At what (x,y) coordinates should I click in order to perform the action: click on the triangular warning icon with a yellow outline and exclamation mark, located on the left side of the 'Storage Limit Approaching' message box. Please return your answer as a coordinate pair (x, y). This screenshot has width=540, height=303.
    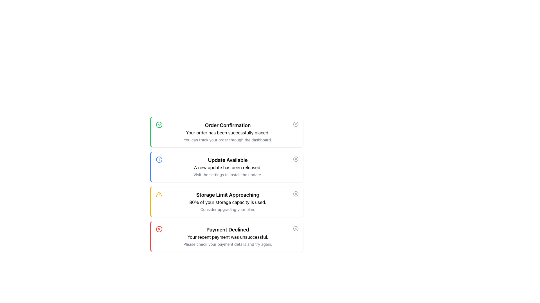
    Looking at the image, I should click on (159, 194).